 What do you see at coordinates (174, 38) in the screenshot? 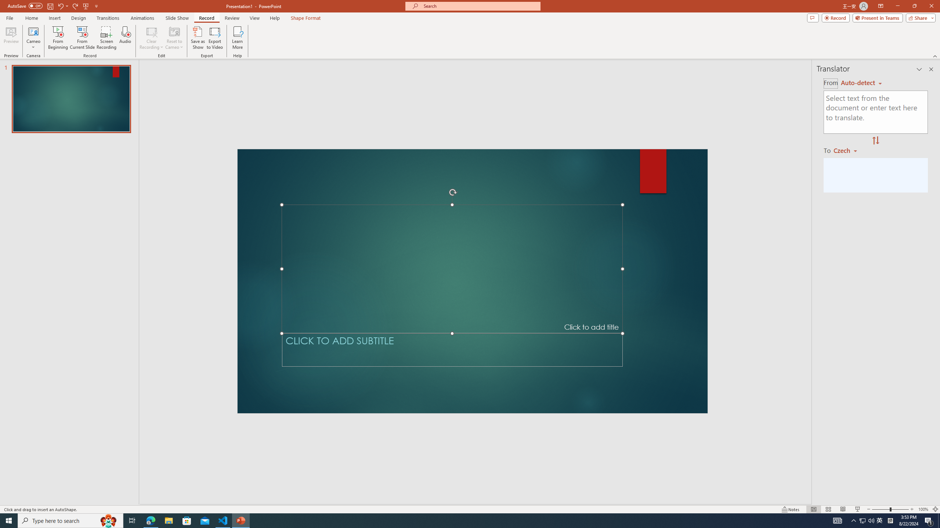
I see `'Reset to Cameo'` at bounding box center [174, 38].